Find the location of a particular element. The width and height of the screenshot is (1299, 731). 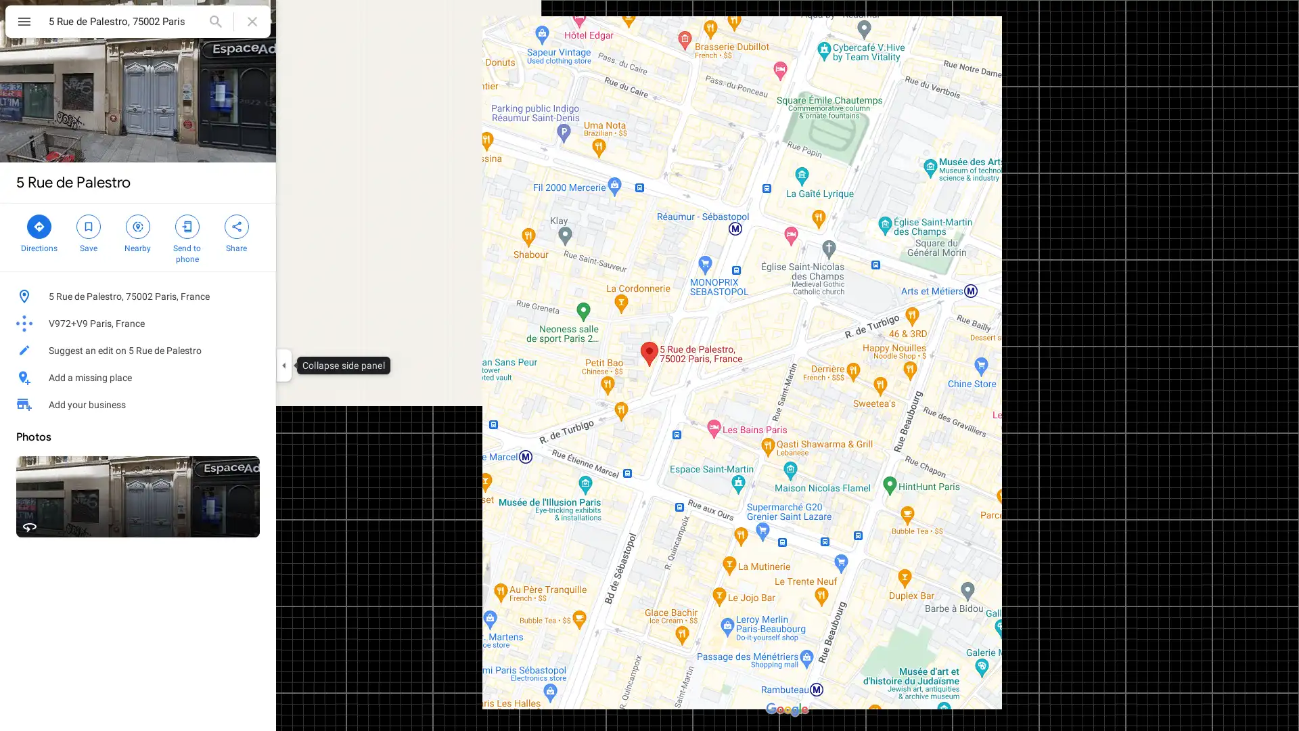

Send 5 Rue de Palestro to your phone is located at coordinates (186, 237).